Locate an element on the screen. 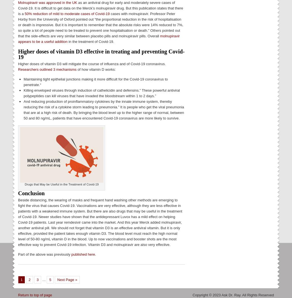 This screenshot has height=298, width=292. 'Maintaining tight epithelial junctions making it more difficult for the Covid-19 coronavirus to penetrate.“' is located at coordinates (95, 82).